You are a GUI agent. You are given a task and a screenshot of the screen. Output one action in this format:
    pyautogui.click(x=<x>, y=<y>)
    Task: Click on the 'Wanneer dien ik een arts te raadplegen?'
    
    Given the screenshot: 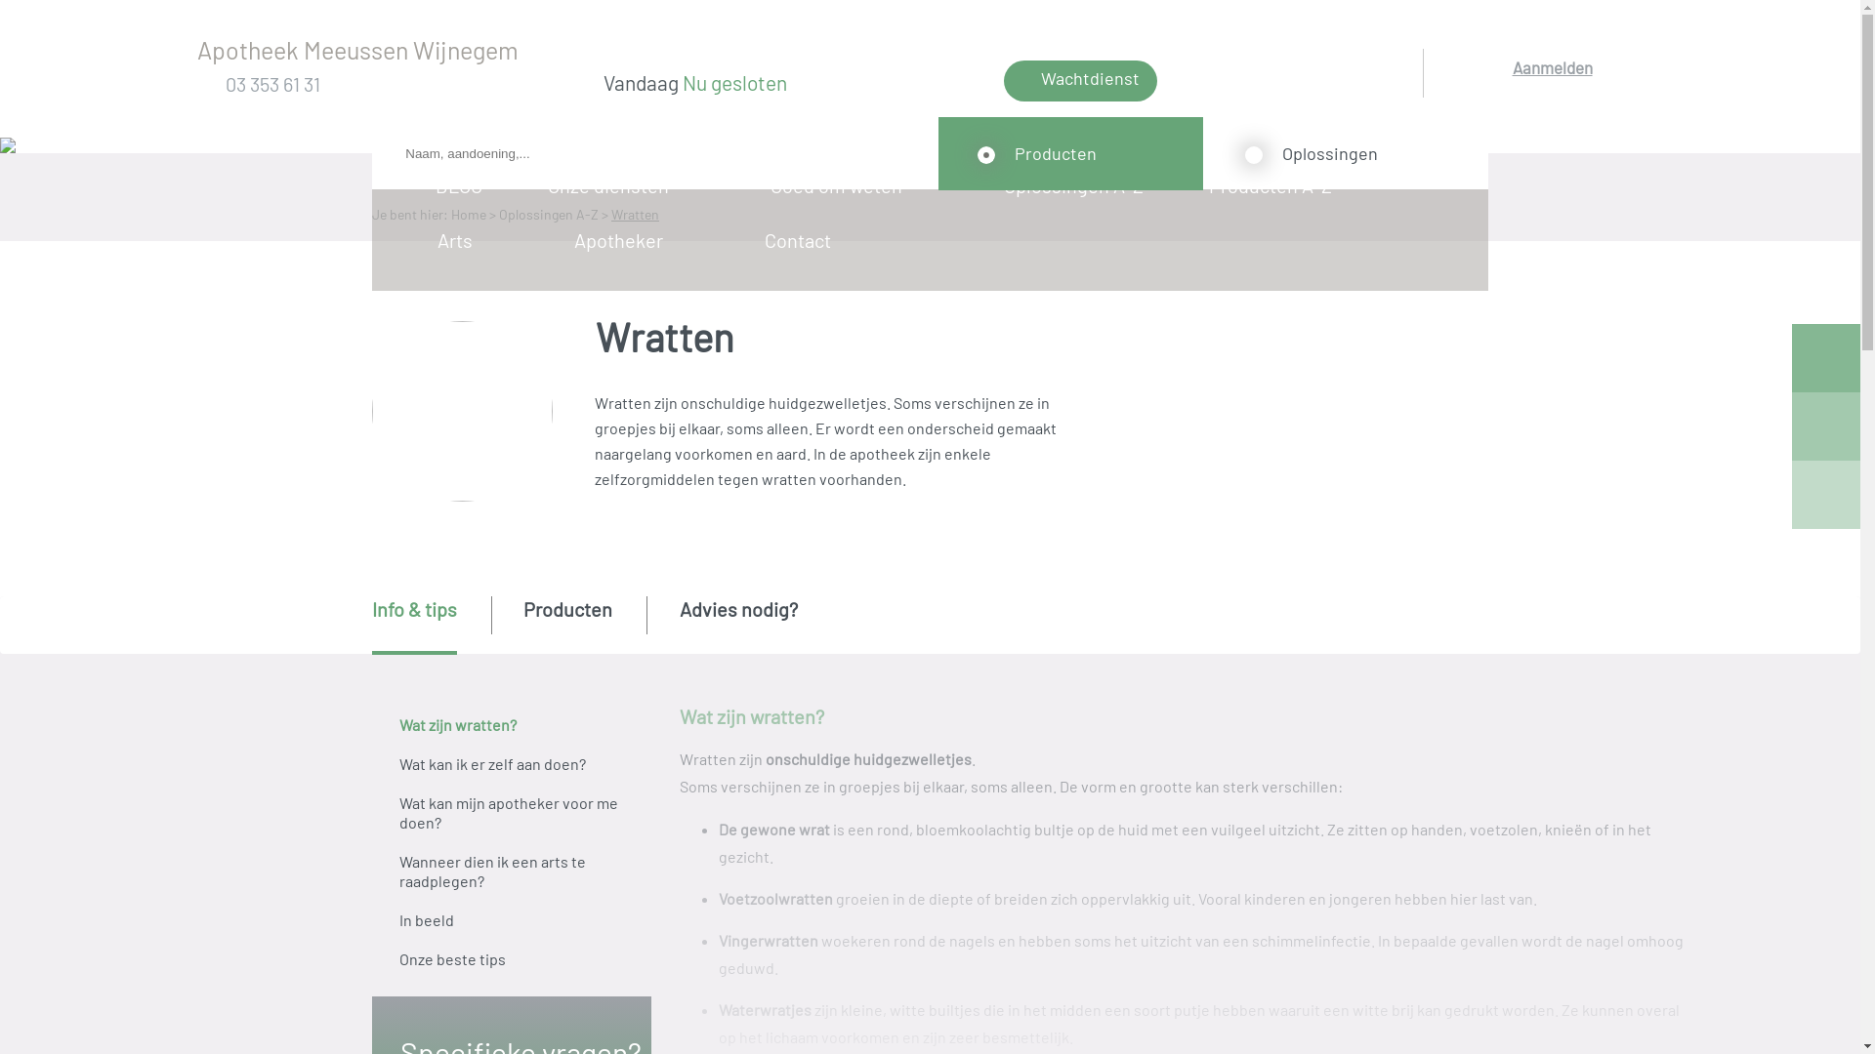 What is the action you would take?
    pyautogui.click(x=511, y=871)
    